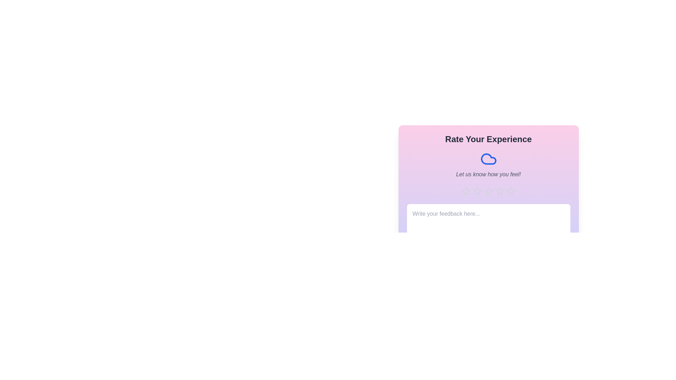  Describe the element at coordinates (488, 222) in the screenshot. I see `the text area and type the feedback` at that location.